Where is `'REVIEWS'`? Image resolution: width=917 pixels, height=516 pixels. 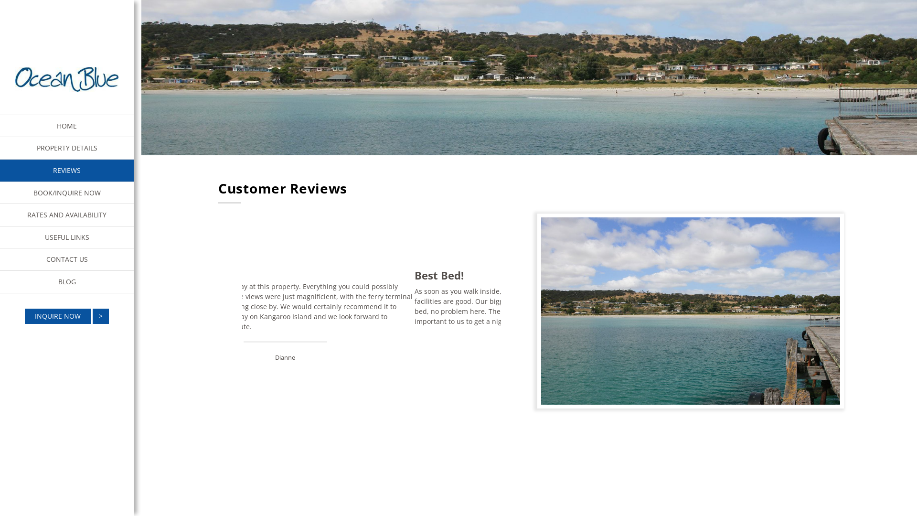
'REVIEWS' is located at coordinates (66, 170).